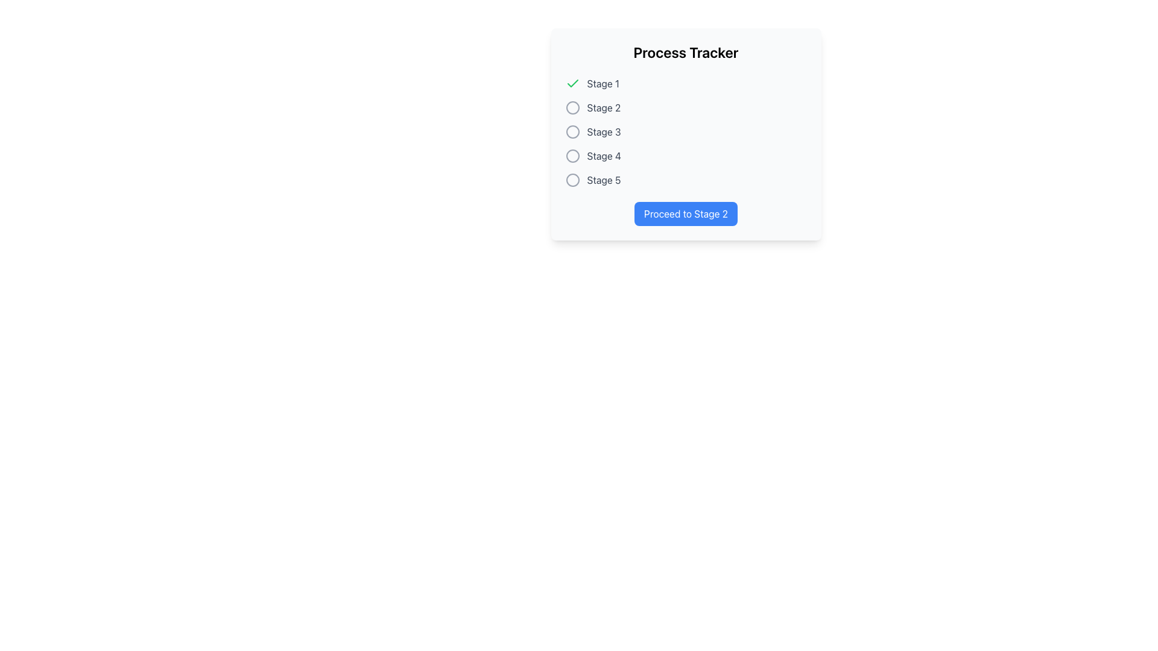 This screenshot has height=651, width=1158. Describe the element at coordinates (572, 83) in the screenshot. I see `the green checkmark SVG icon located to the left of the text 'Stage 1'` at that location.